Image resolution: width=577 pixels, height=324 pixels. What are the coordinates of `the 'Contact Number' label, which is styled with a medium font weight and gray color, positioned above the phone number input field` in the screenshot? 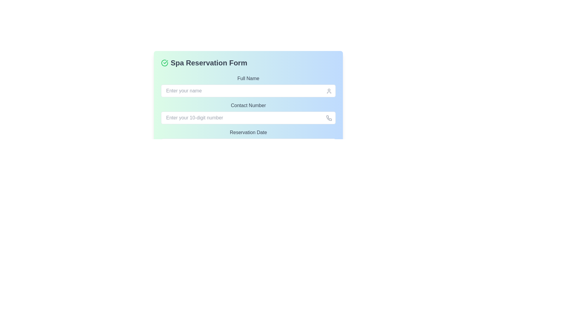 It's located at (248, 105).